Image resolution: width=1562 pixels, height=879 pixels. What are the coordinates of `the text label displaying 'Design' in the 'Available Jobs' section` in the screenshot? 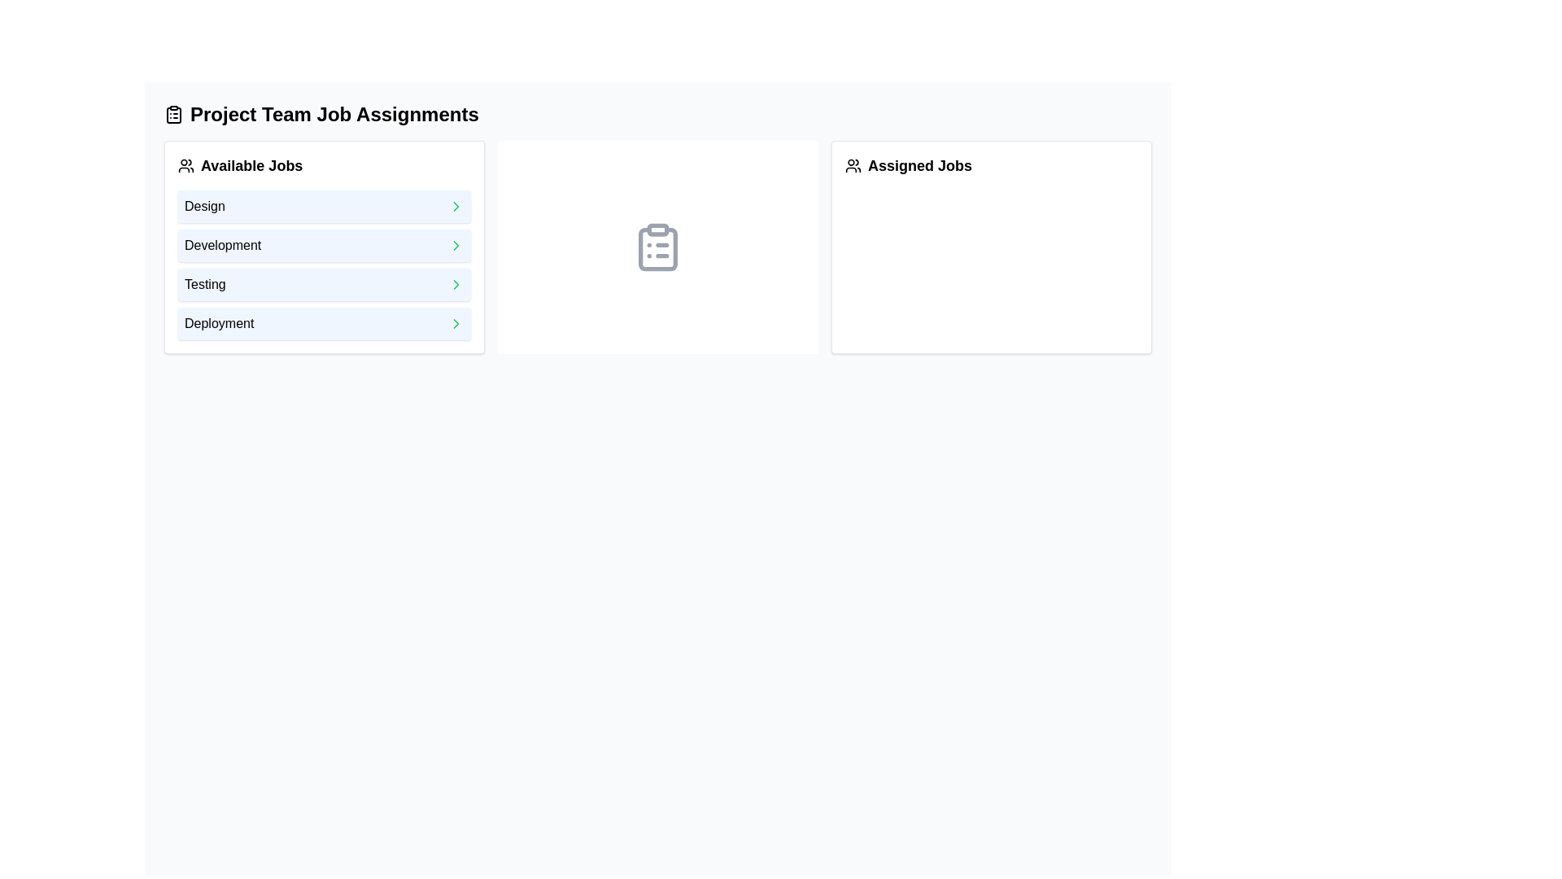 It's located at (203, 206).